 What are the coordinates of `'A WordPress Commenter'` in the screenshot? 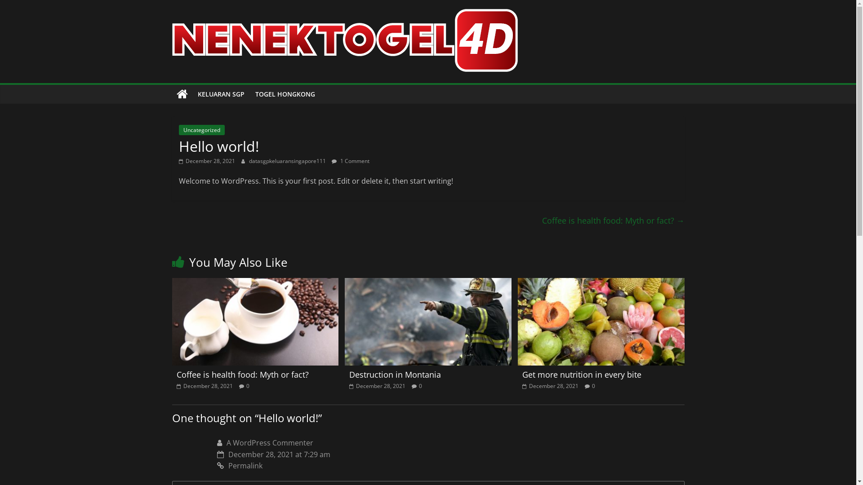 It's located at (227, 442).